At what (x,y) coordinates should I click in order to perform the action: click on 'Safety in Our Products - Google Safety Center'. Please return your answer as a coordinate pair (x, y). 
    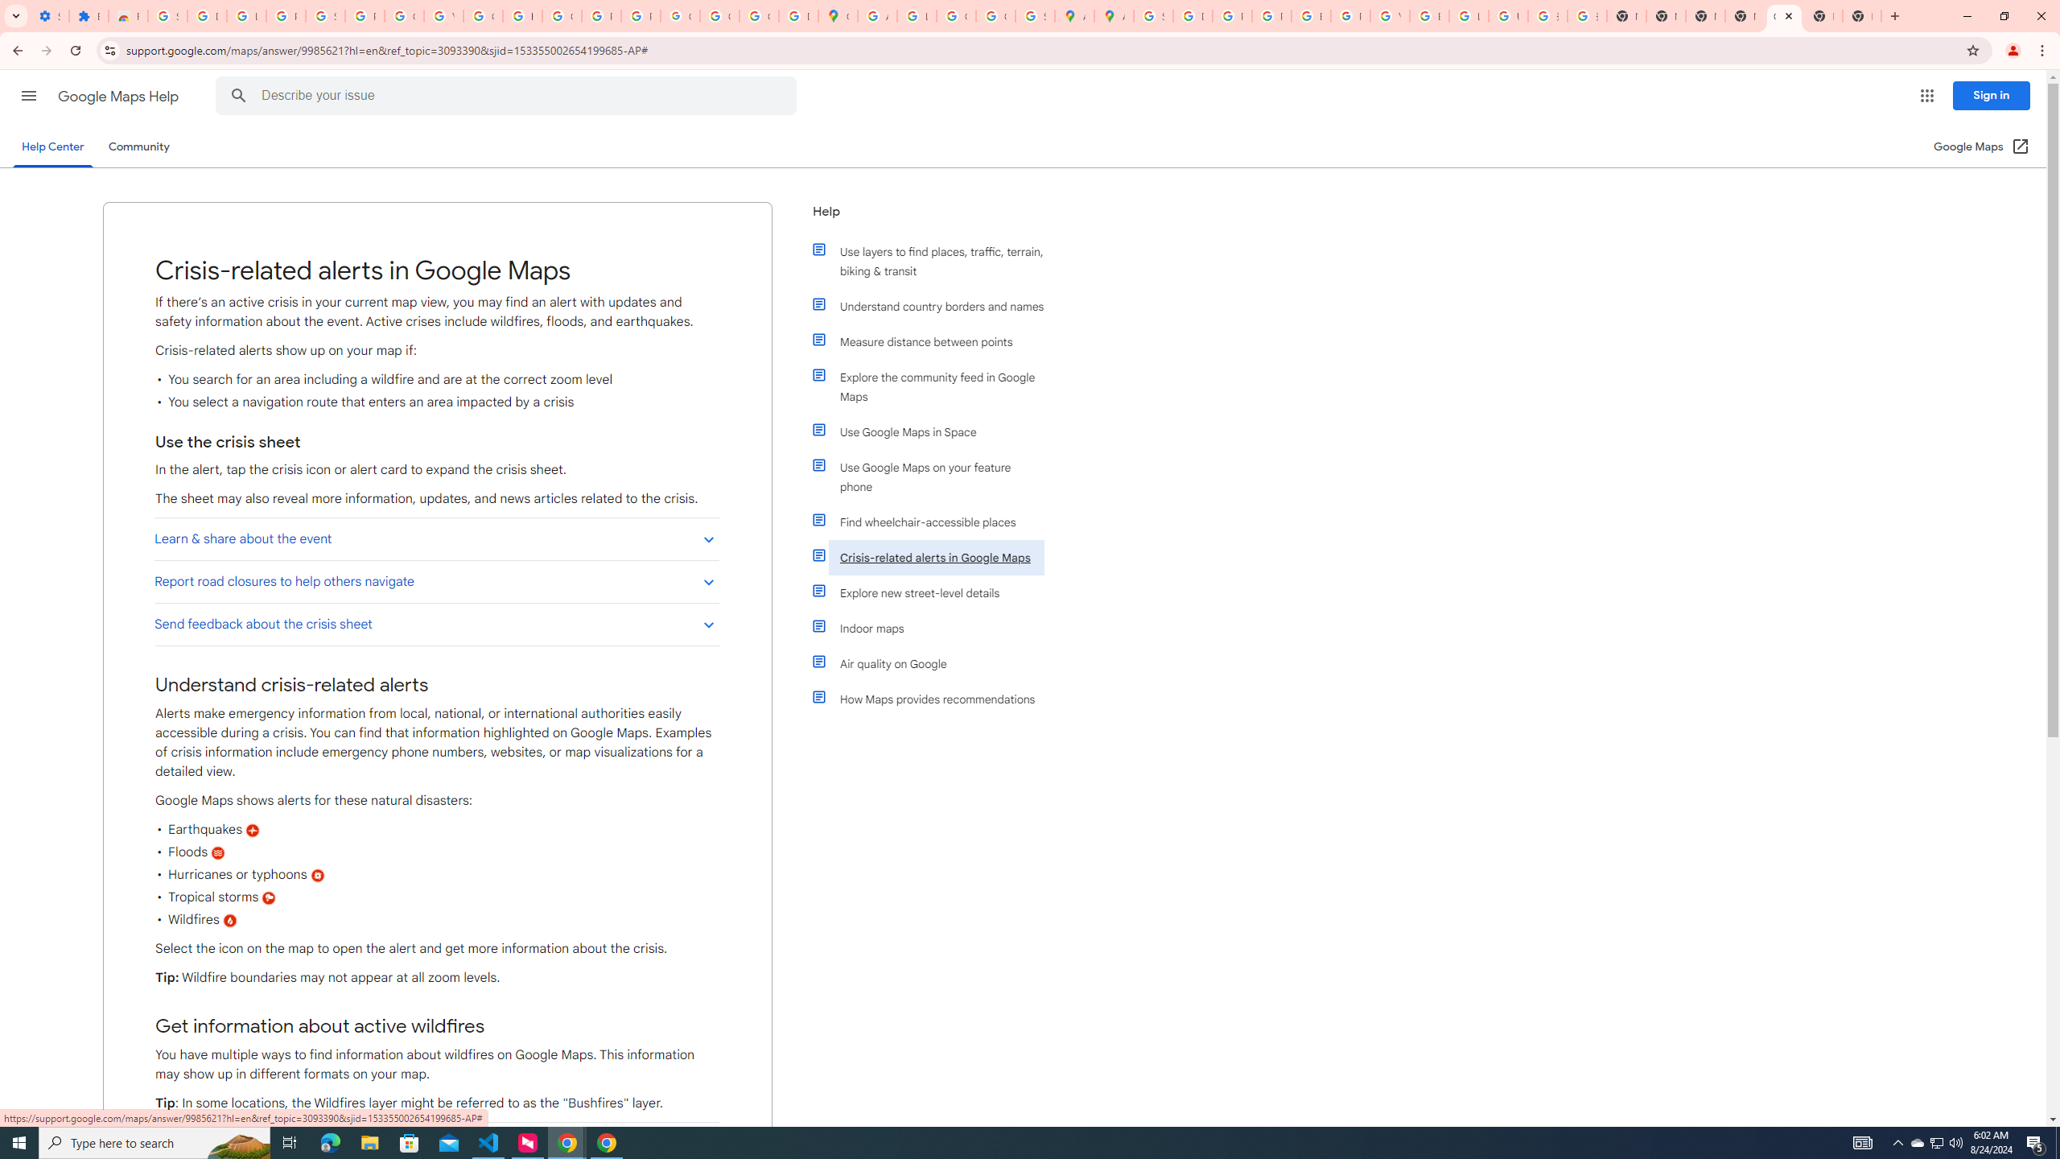
    Looking at the image, I should click on (1034, 15).